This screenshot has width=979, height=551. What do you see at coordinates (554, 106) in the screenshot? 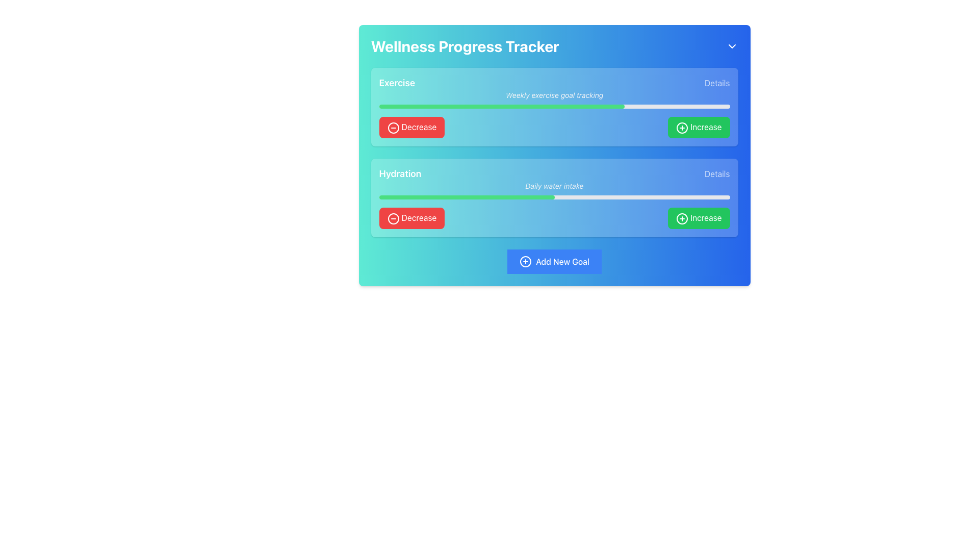
I see `the horizontal progress bar styled with a gray background and a green segment, located beneath the 'Weekly exercise goal tracking' text in the exercise tracking section` at bounding box center [554, 106].